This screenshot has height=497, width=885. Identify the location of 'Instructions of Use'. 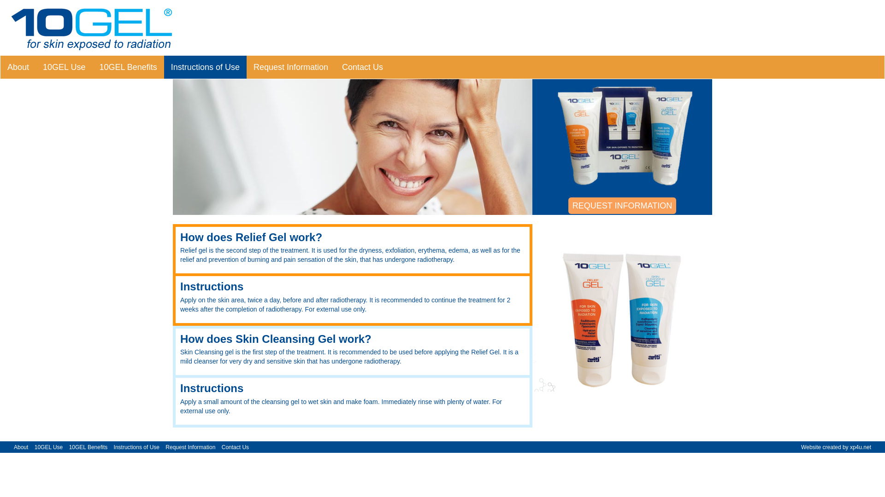
(205, 67).